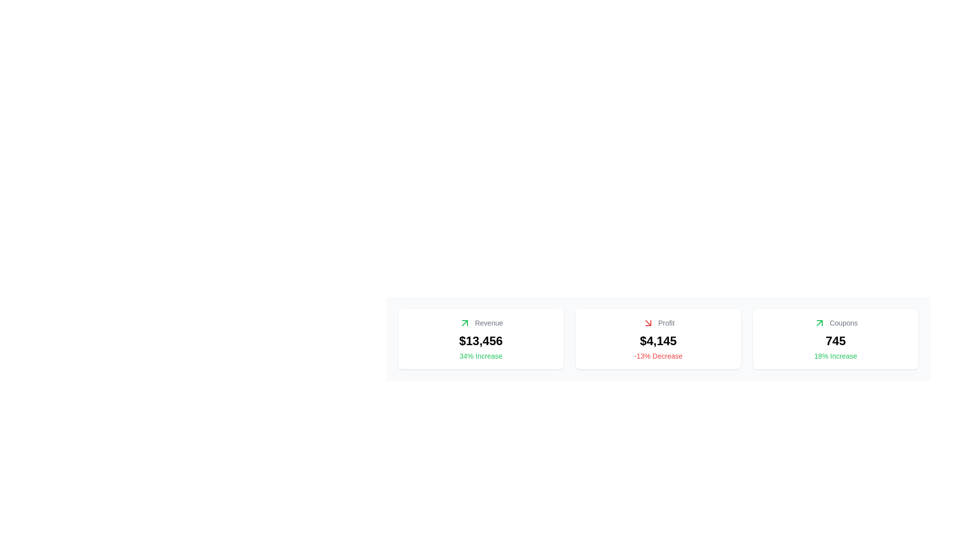  What do you see at coordinates (820, 323) in the screenshot?
I see `the upward and rightward green arrow icon located at the top-left corner of the 'Coupons' card, which aligns closely with the text 'Coupons'` at bounding box center [820, 323].